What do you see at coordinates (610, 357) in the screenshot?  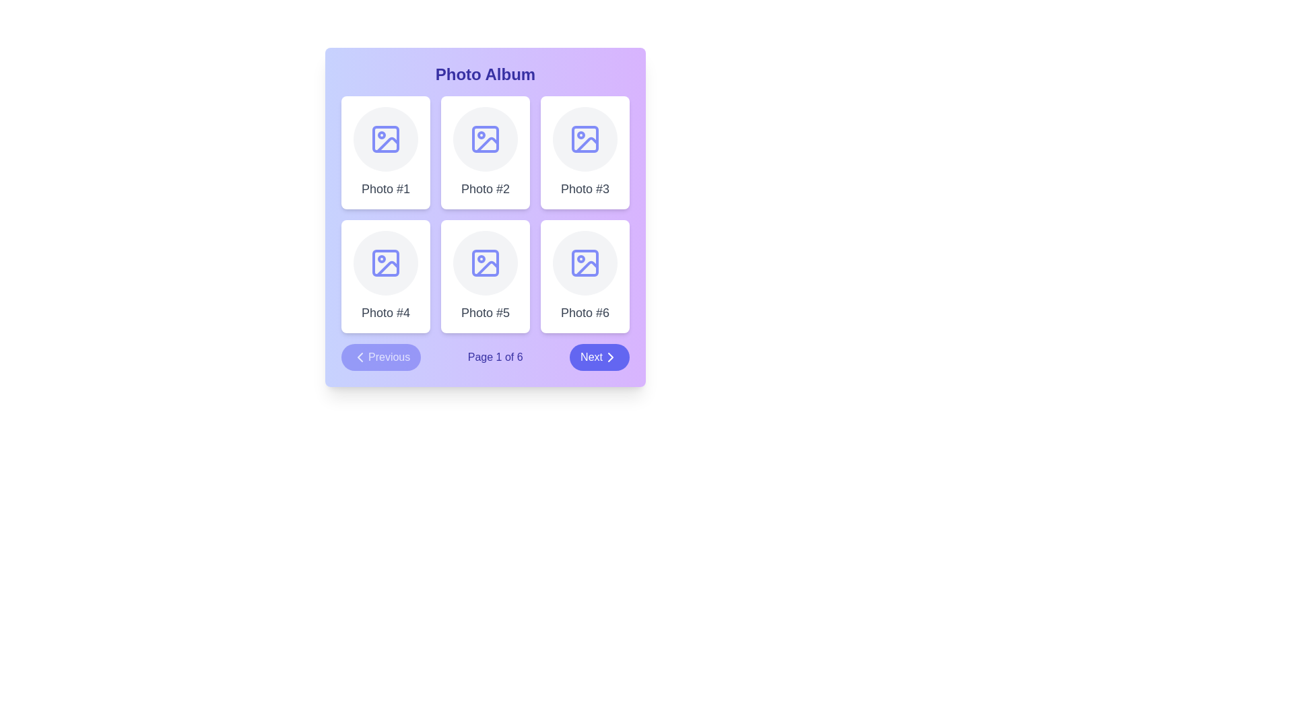 I see `the Chevron icon within the blue circular 'Next' button located at the bottom right corner of the interface to trigger a tooltip or animated effect` at bounding box center [610, 357].